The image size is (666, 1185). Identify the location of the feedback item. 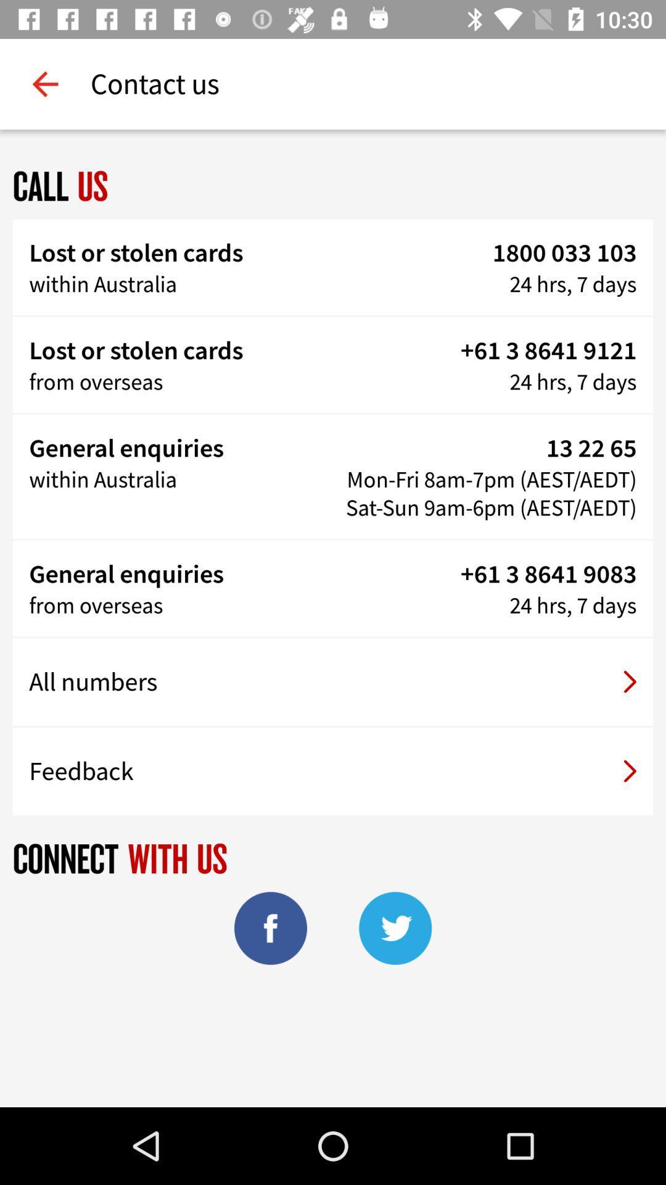
(333, 770).